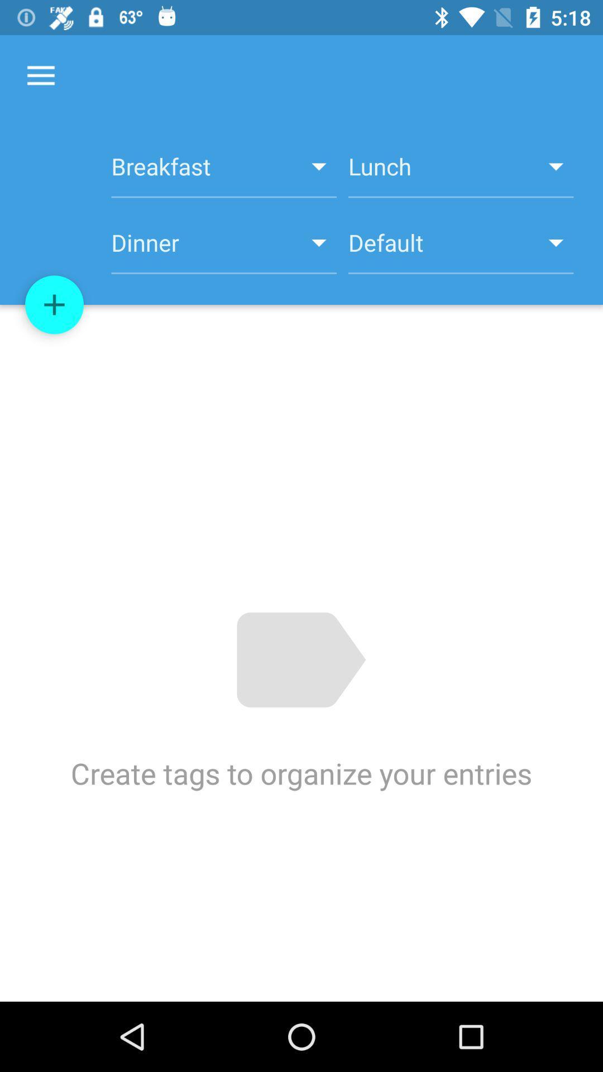 This screenshot has height=1072, width=603. I want to click on meal, so click(54, 305).